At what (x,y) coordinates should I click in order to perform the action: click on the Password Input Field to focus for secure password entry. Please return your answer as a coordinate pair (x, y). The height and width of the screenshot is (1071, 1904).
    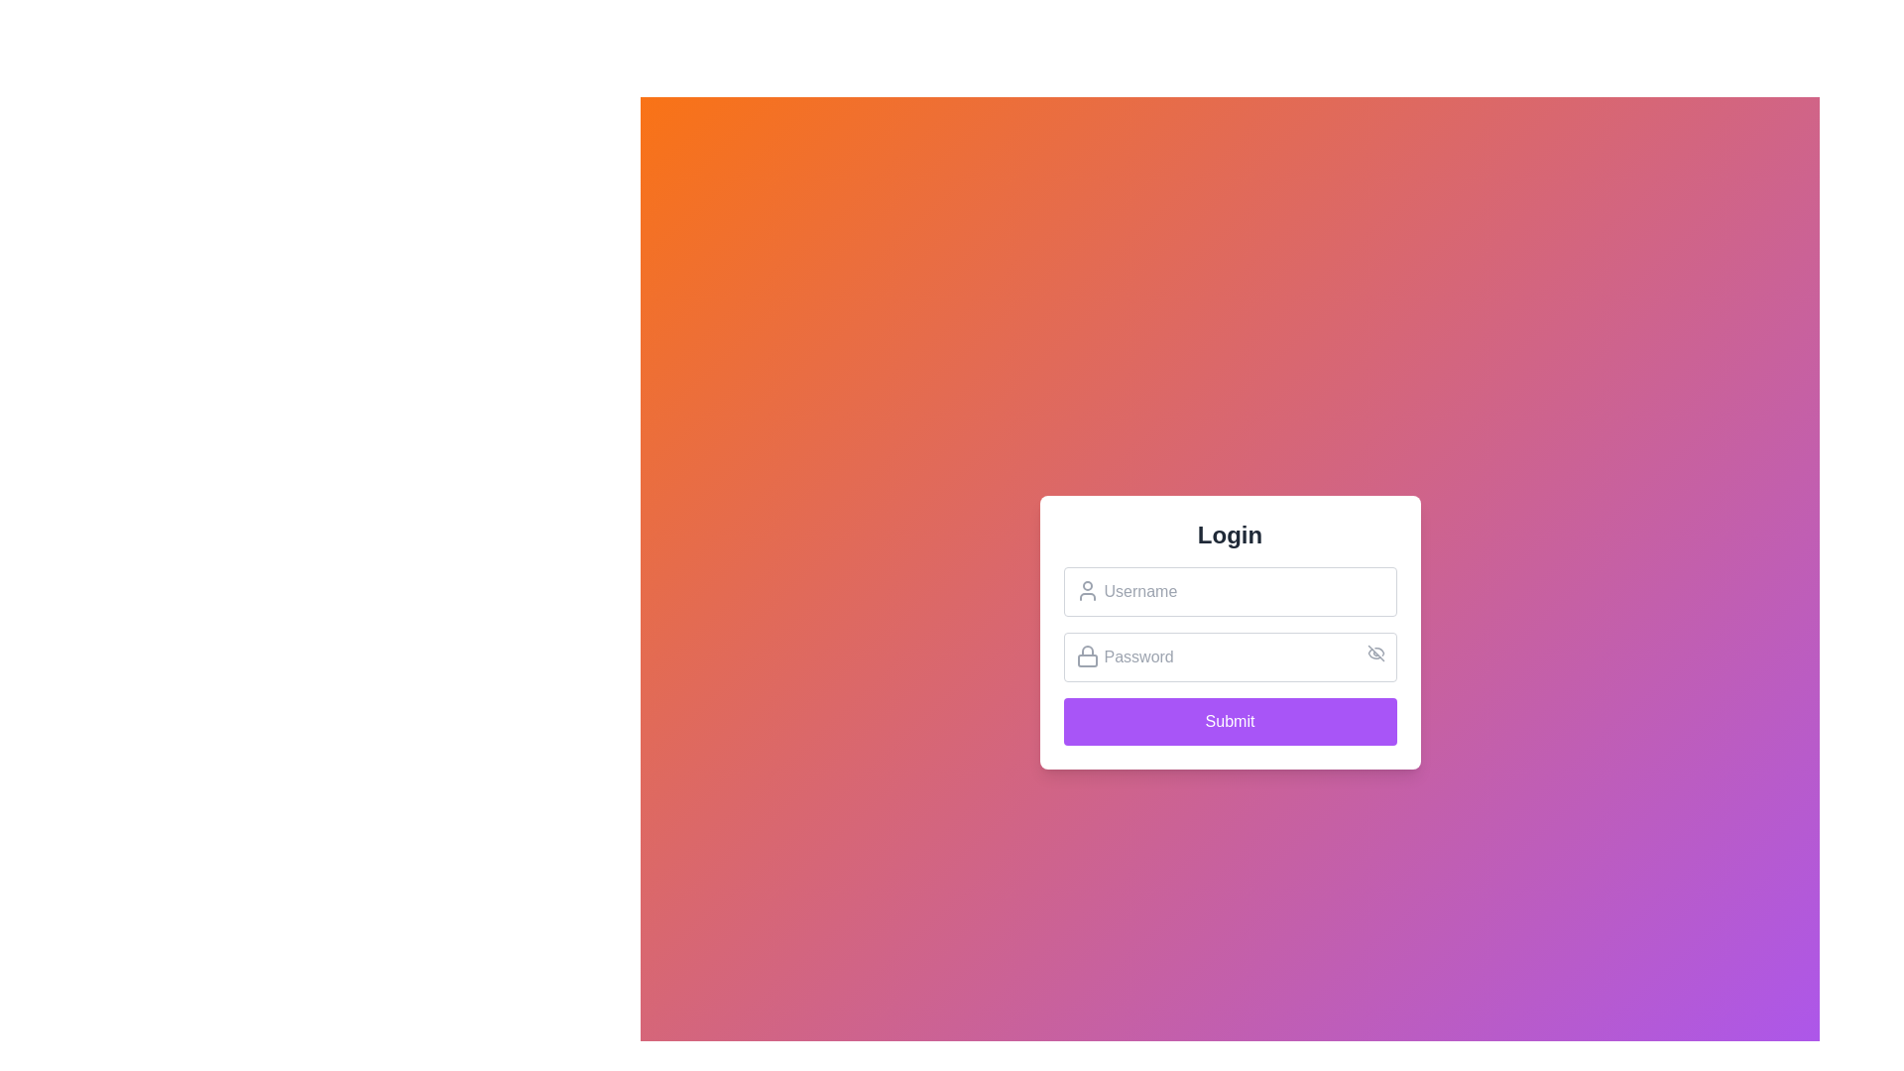
    Looking at the image, I should click on (1229, 656).